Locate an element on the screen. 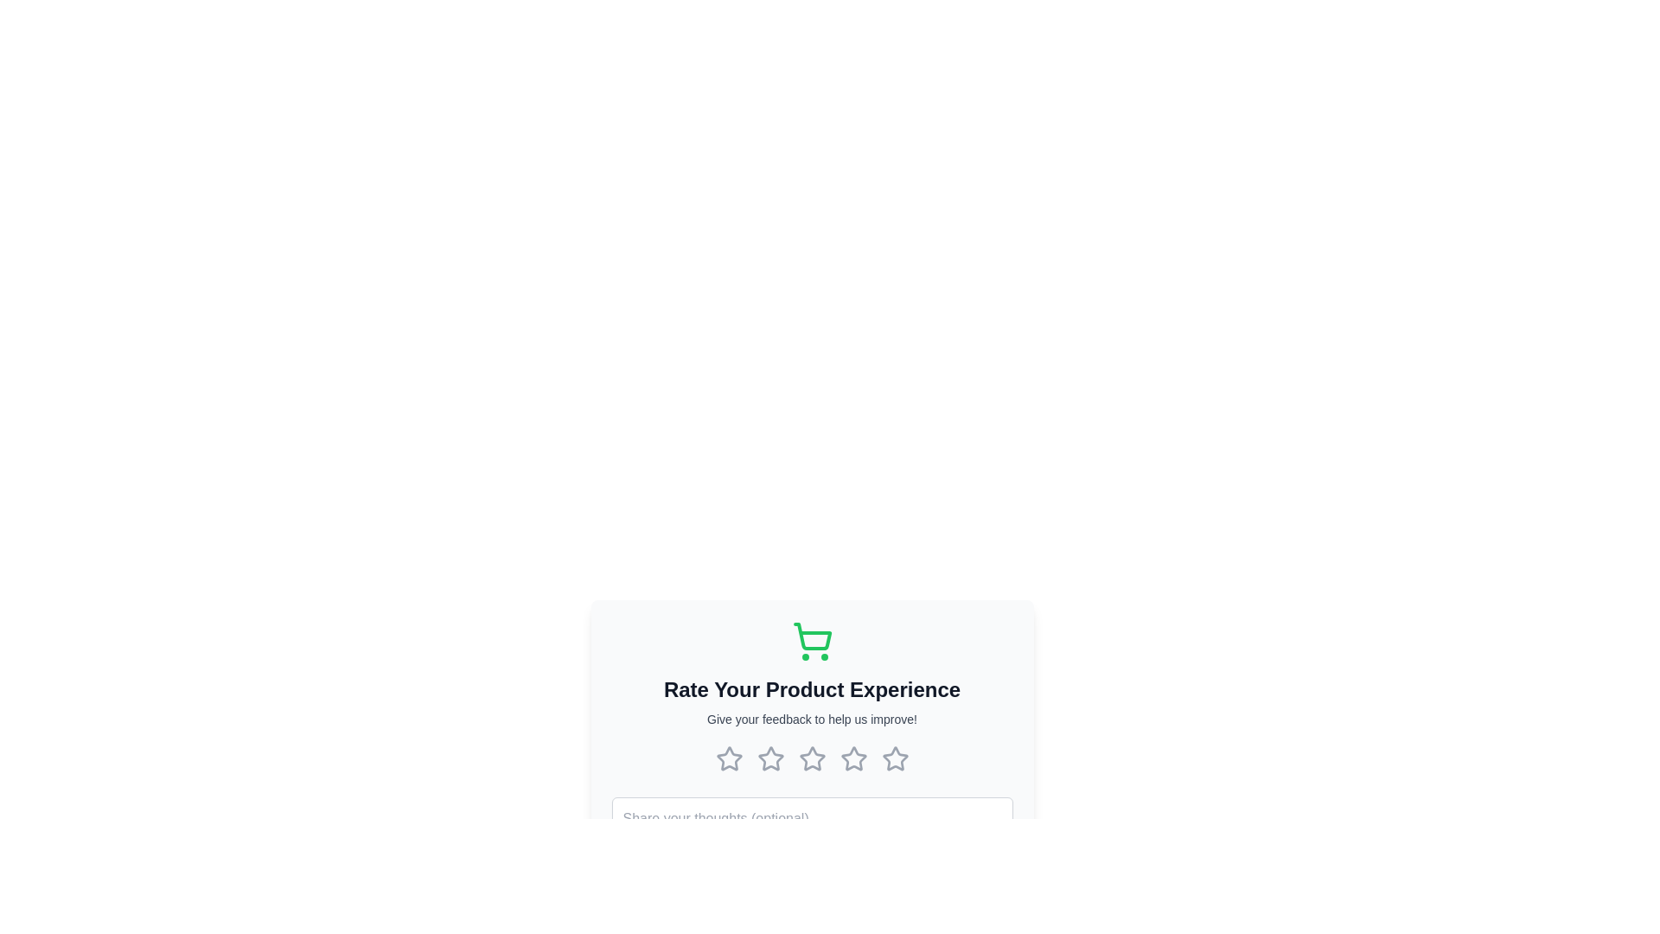 This screenshot has height=934, width=1660. the third star icon in the user rating system is located at coordinates (811, 758).